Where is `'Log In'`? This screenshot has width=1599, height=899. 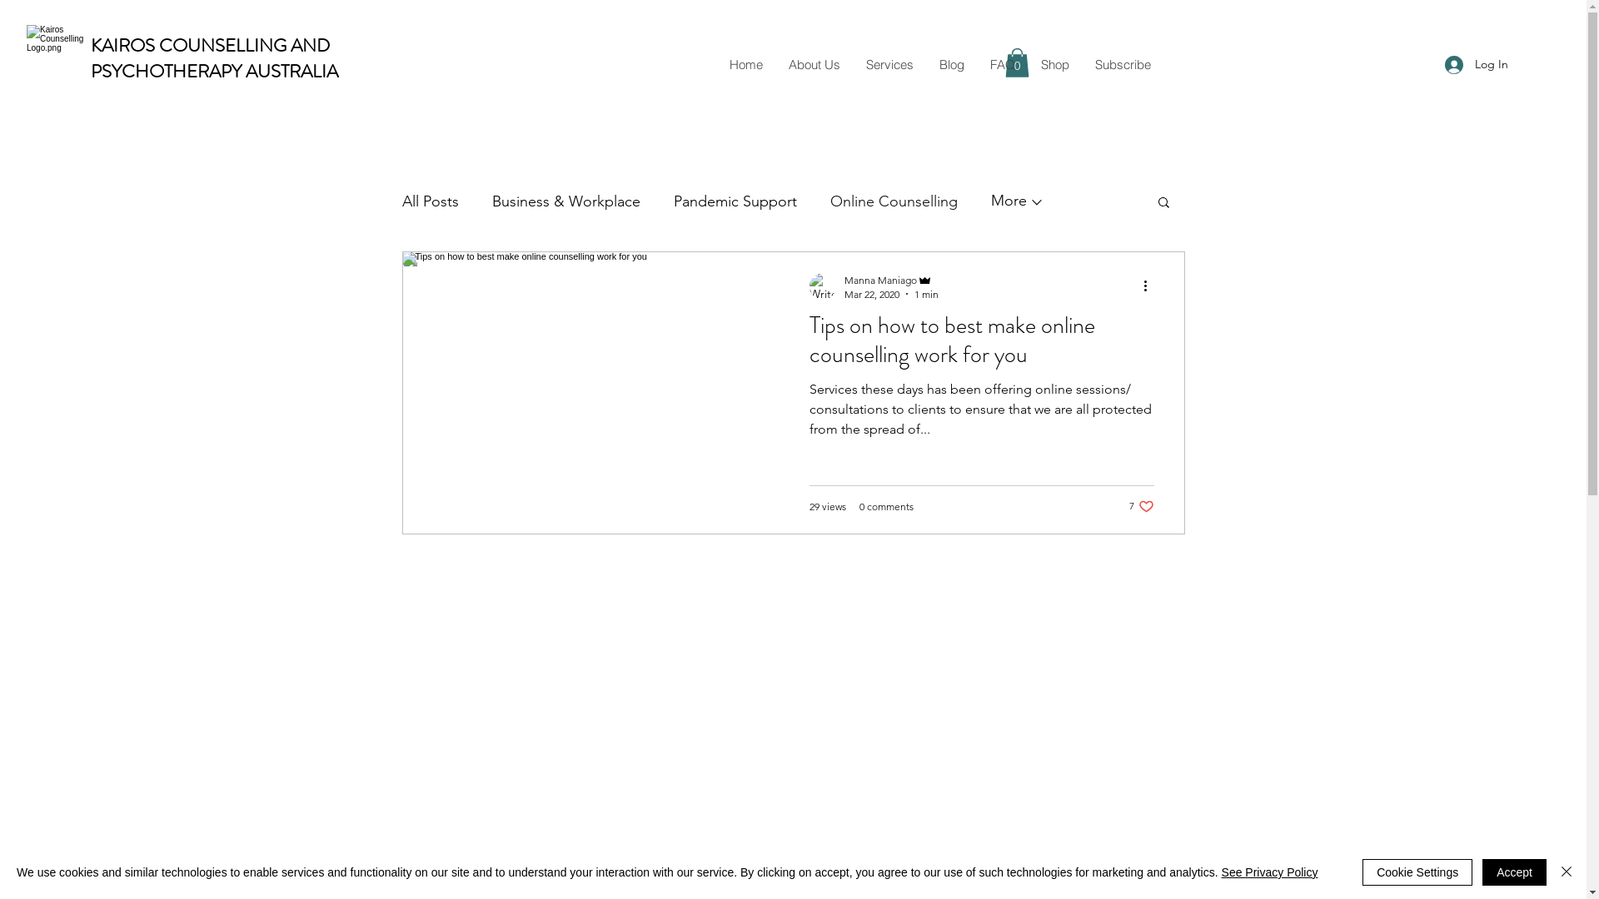 'Log In' is located at coordinates (1476, 63).